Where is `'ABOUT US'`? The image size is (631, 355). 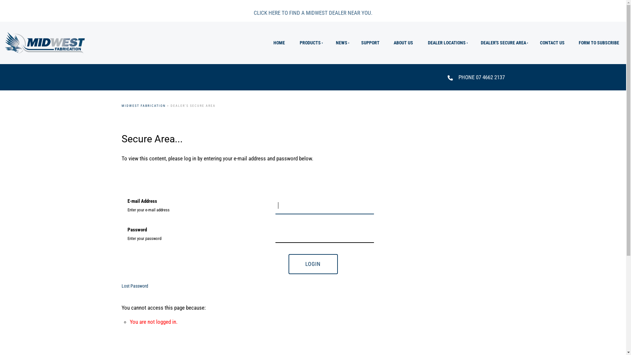 'ABOUT US' is located at coordinates (403, 43).